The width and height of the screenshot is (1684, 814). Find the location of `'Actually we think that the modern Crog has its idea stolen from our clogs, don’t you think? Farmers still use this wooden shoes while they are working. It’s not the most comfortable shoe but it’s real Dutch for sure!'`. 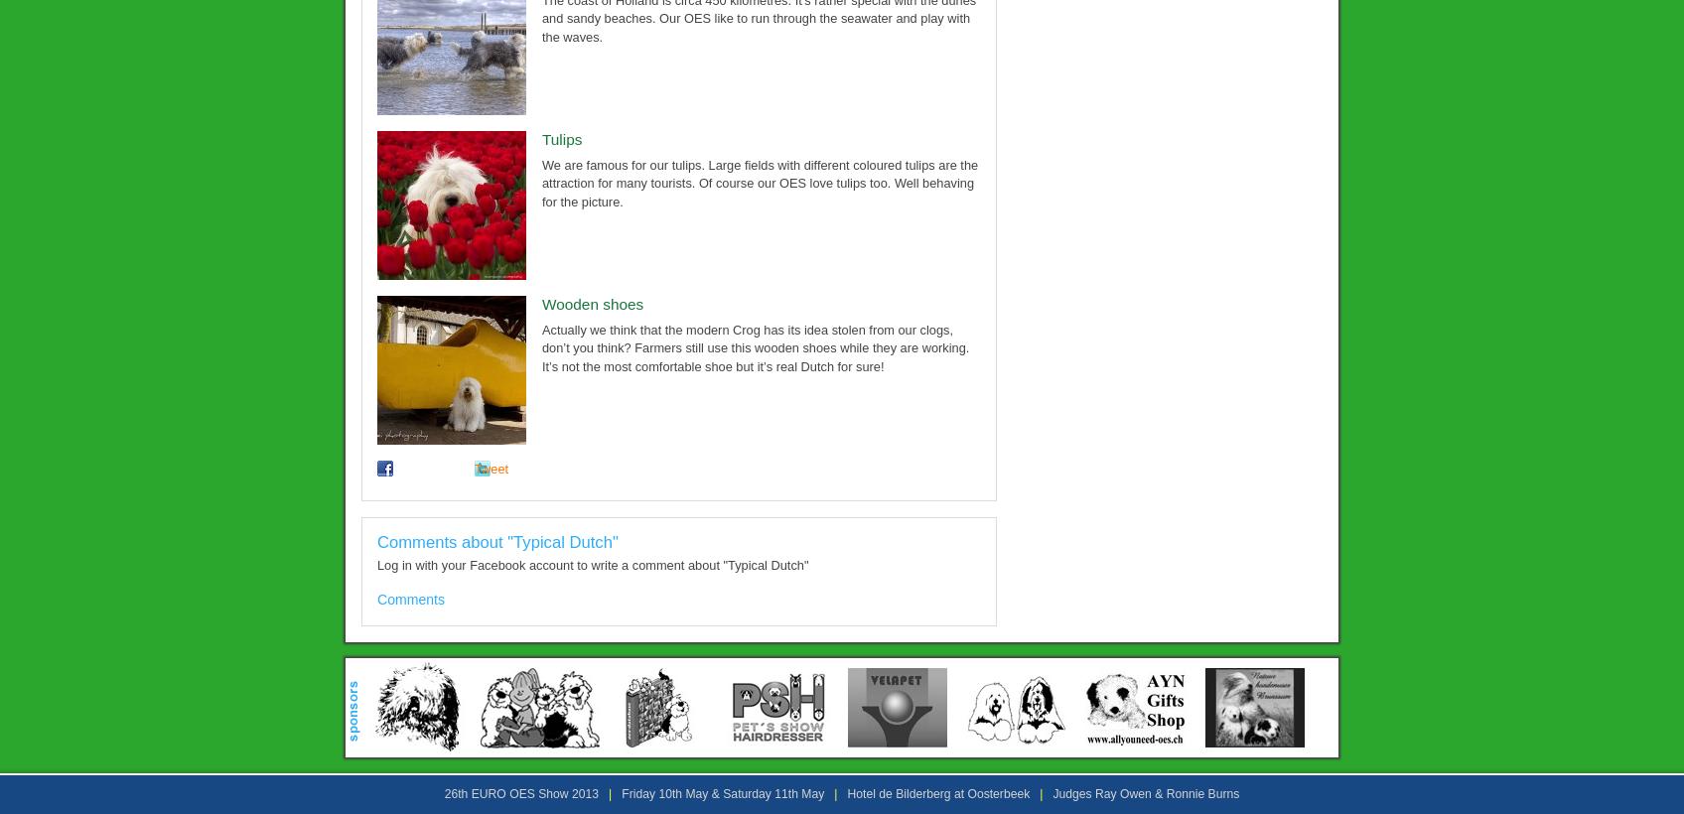

'Actually we think that the modern Crog has its idea stolen from our clogs, don’t you think? Farmers still use this wooden shoes while they are working. It’s not the most comfortable shoe but it’s real Dutch for sure!' is located at coordinates (755, 345).